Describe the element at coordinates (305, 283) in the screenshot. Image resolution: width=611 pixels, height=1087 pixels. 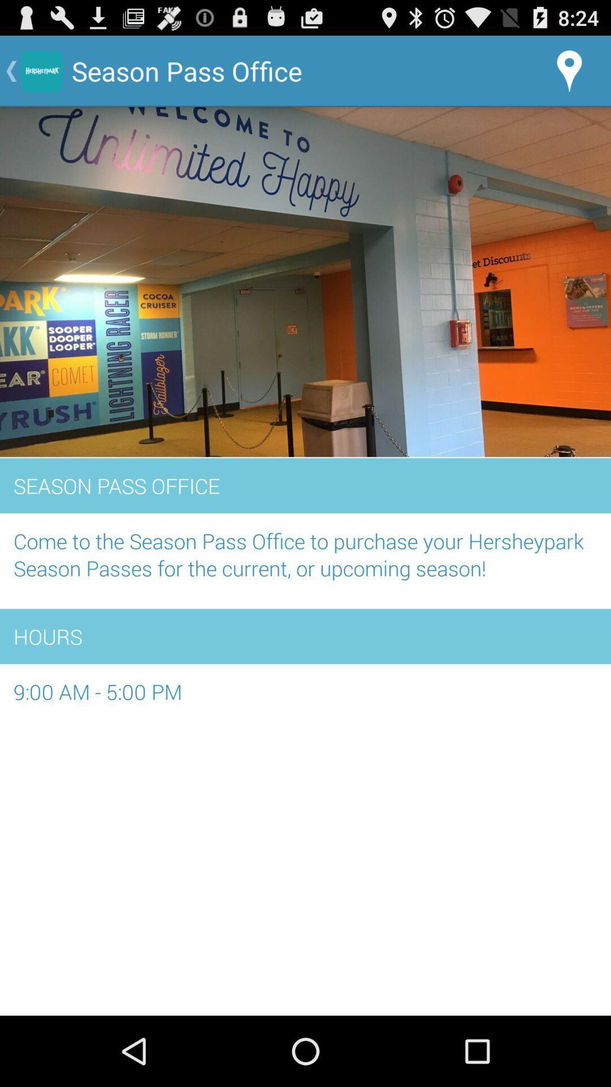
I see `the item at the top` at that location.